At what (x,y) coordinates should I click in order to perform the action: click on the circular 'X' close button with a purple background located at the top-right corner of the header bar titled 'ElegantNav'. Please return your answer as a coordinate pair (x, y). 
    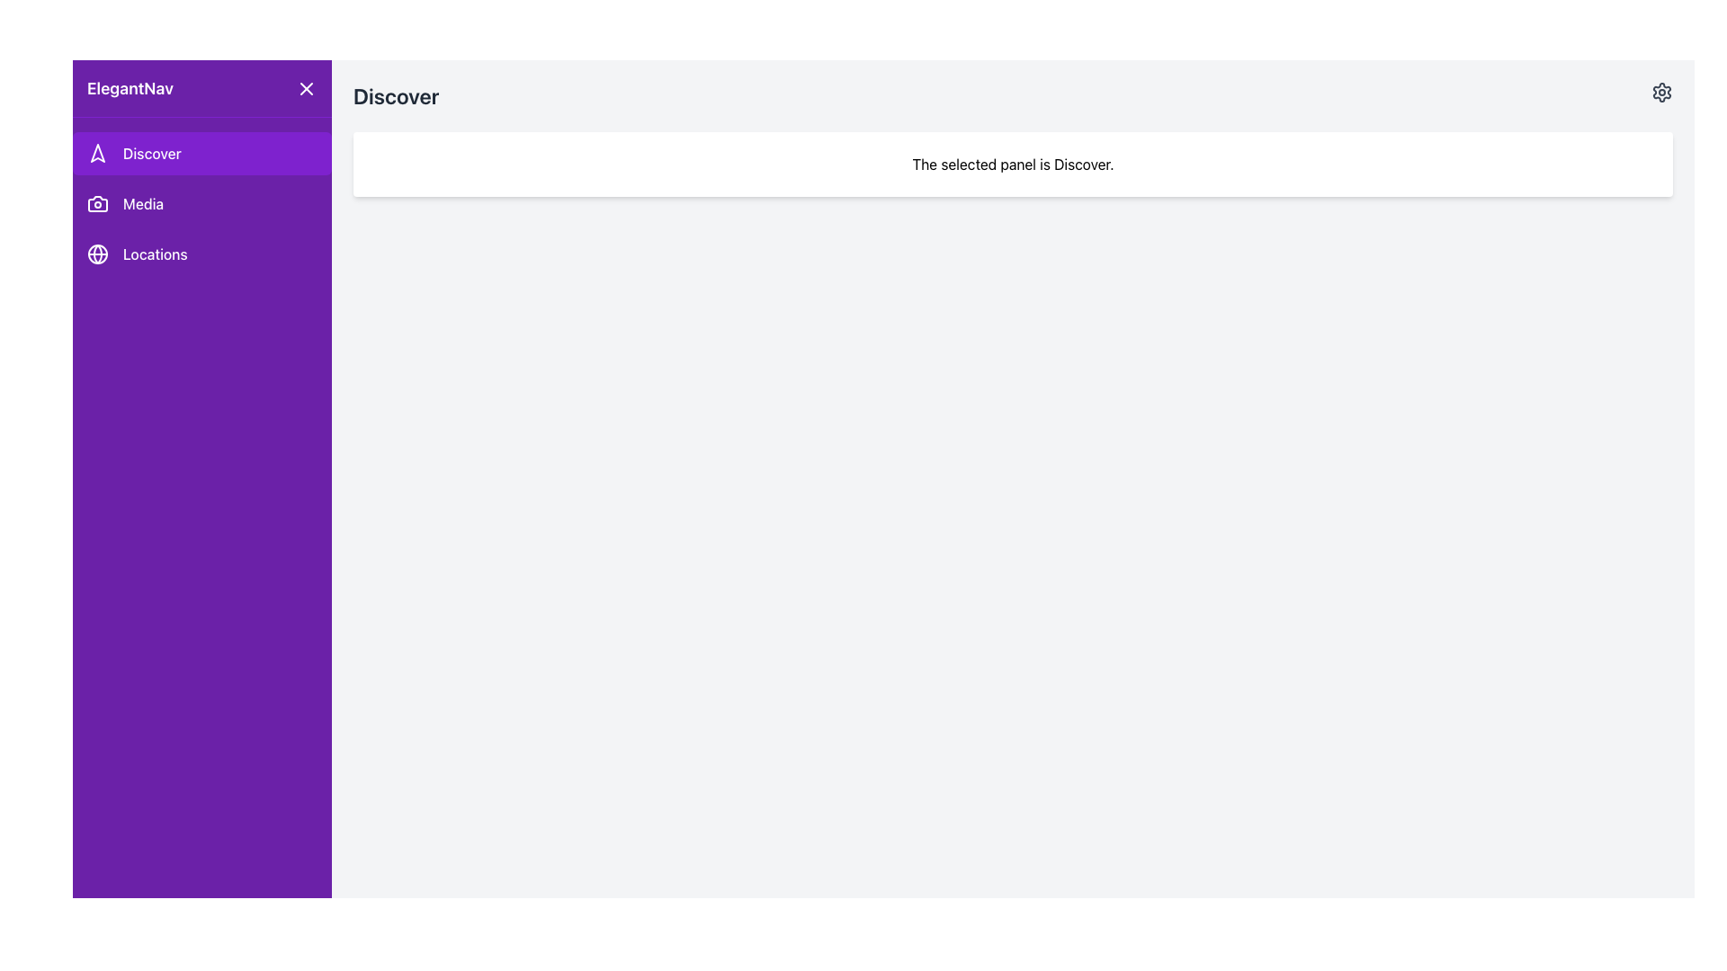
    Looking at the image, I should click on (306, 88).